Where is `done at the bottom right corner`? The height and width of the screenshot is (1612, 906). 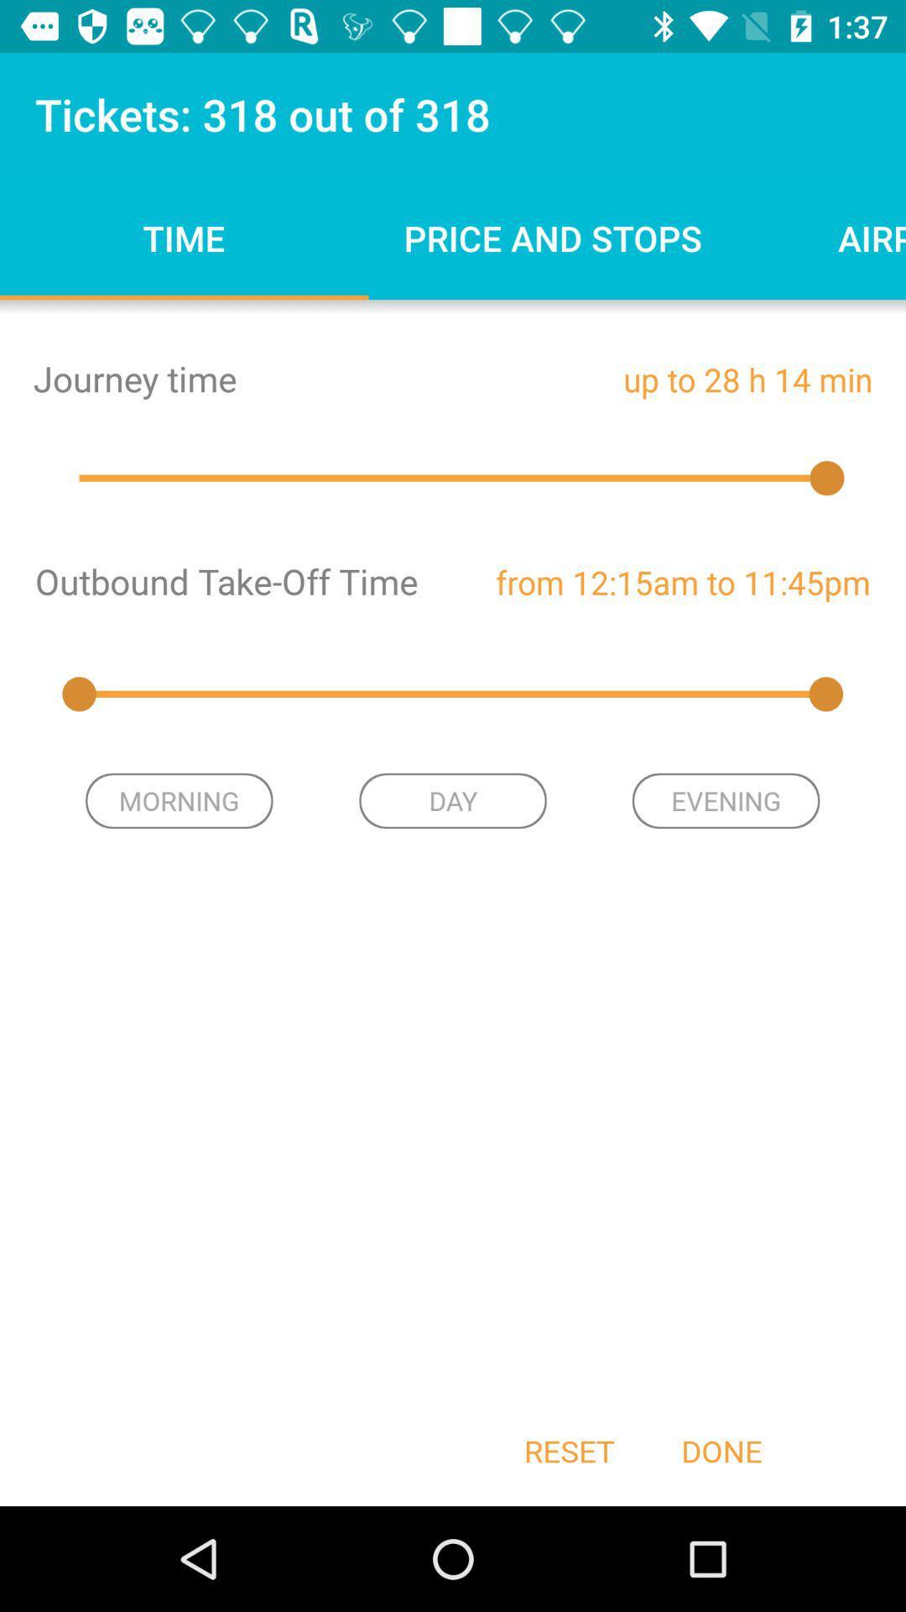 done at the bottom right corner is located at coordinates (721, 1450).